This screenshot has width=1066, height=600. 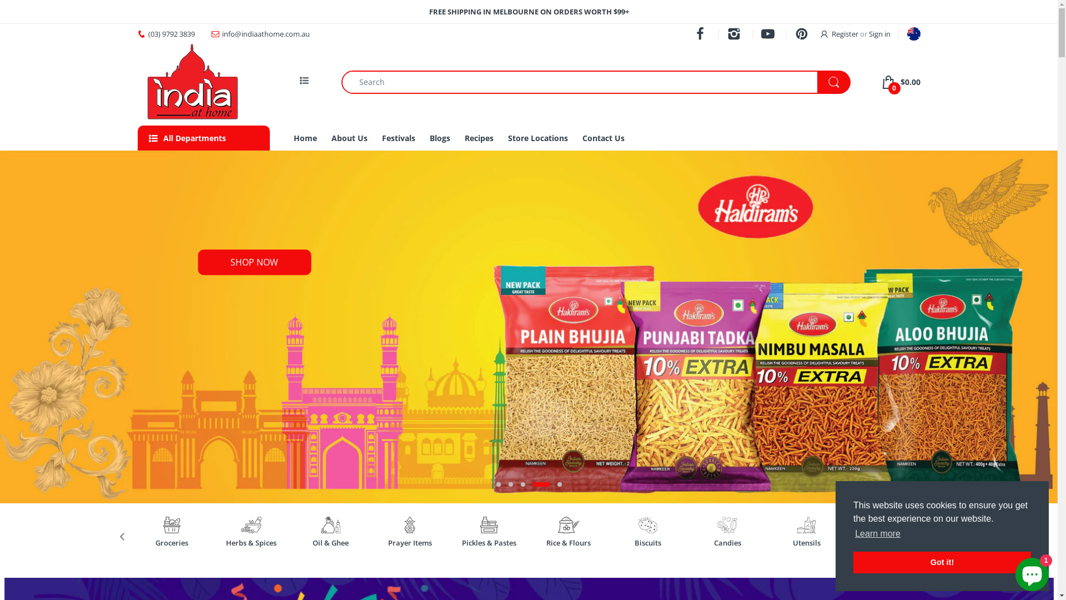 I want to click on 'Oil & Ghee', so click(x=303, y=542).